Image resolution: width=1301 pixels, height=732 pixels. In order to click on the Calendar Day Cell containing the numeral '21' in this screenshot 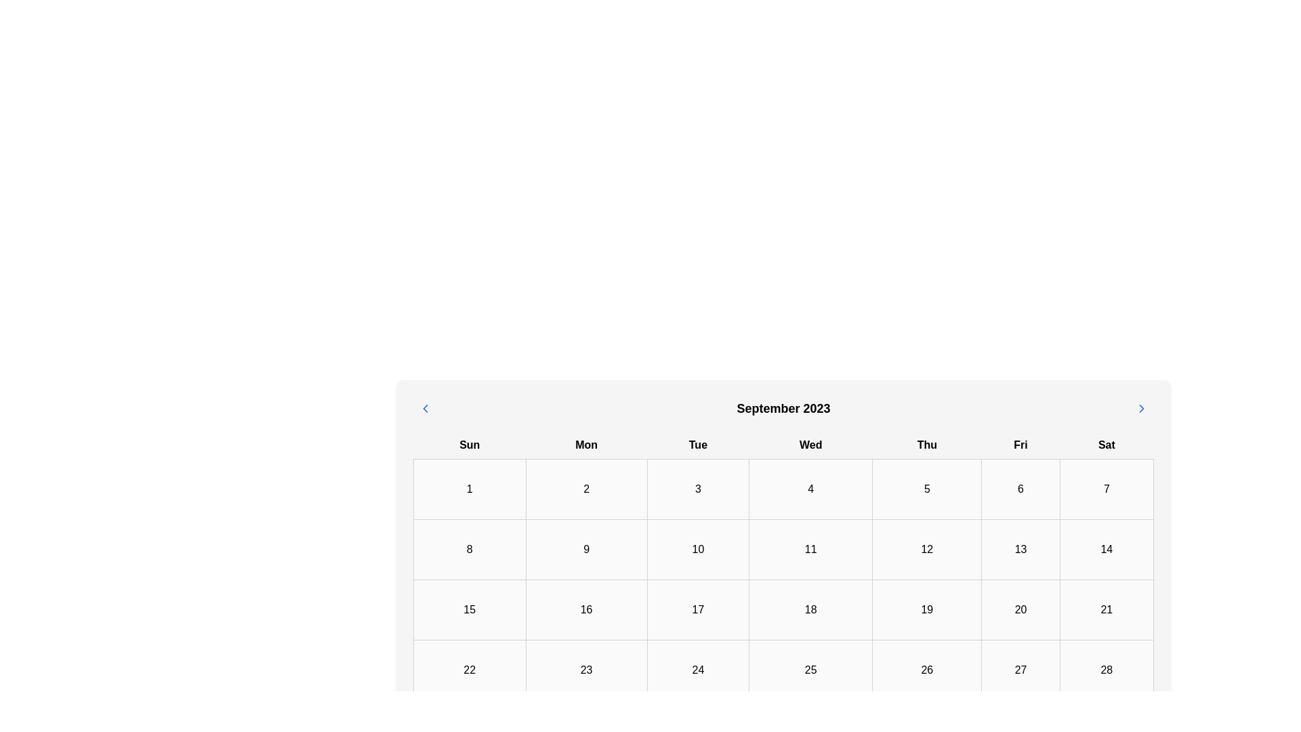, I will do `click(1107, 609)`.